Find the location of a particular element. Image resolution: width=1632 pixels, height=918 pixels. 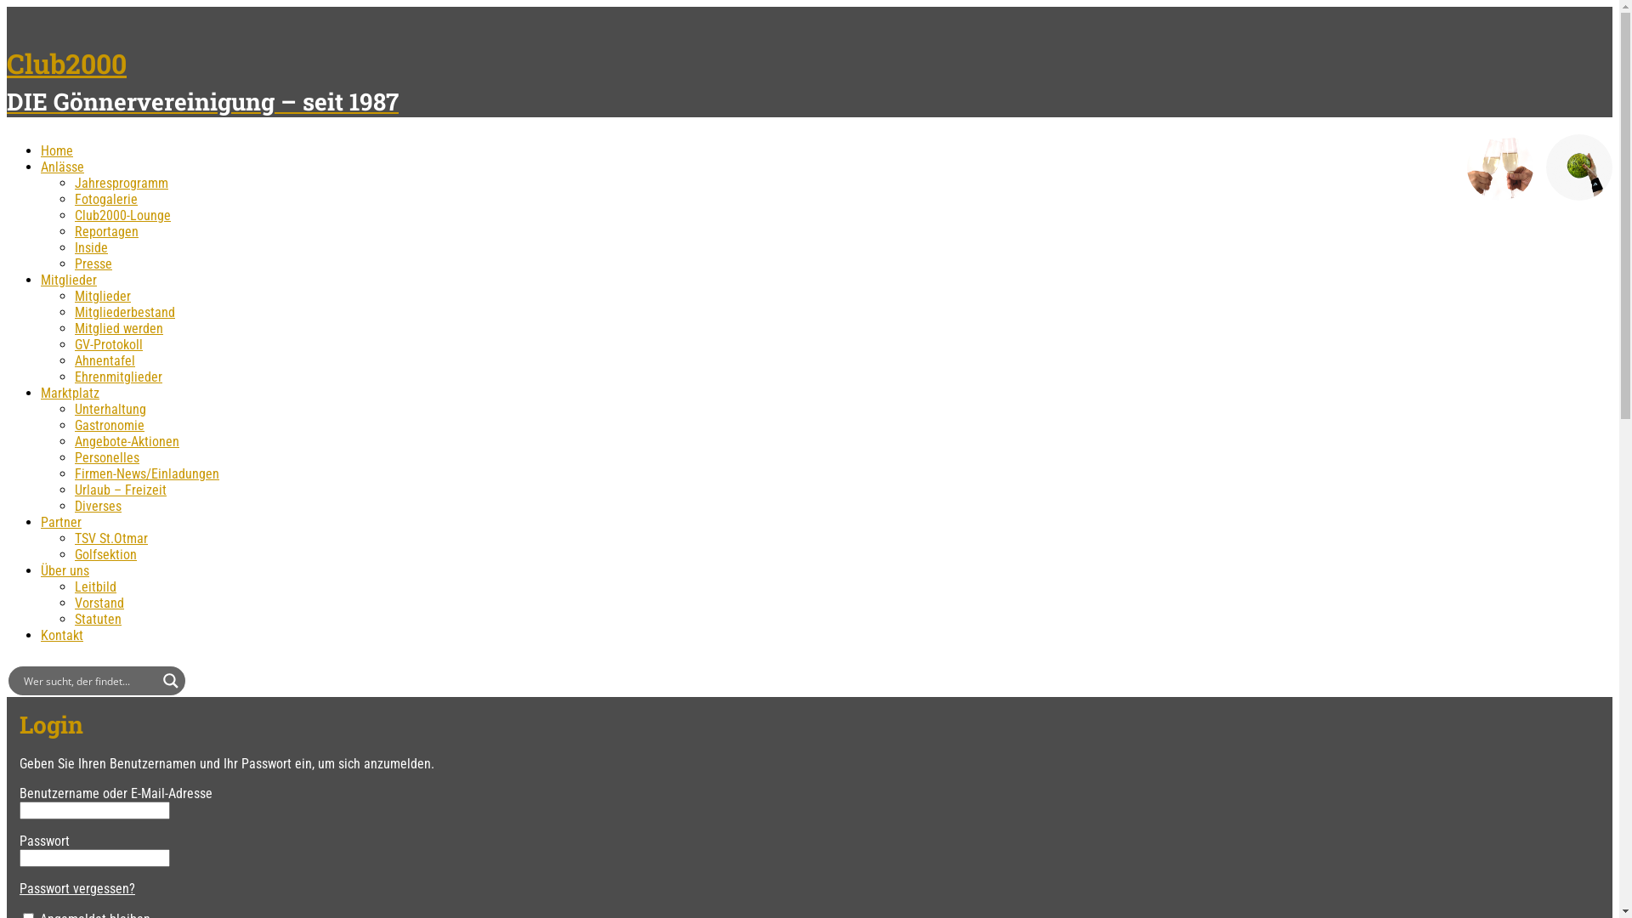

'Ahnentafel' is located at coordinates (73, 360).